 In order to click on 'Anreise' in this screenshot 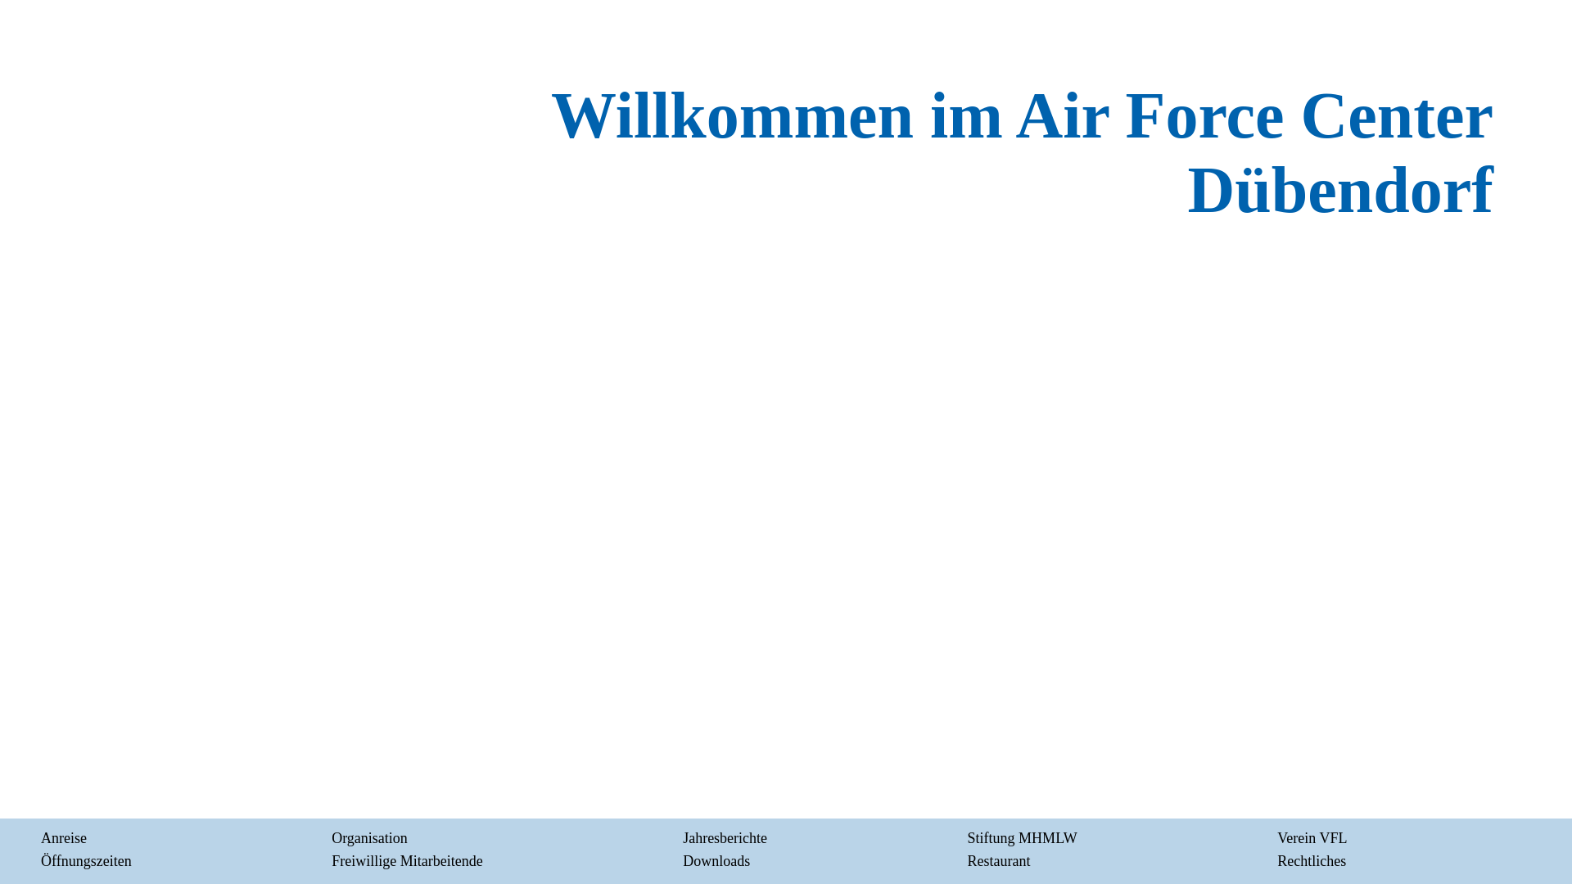, I will do `click(63, 837)`.